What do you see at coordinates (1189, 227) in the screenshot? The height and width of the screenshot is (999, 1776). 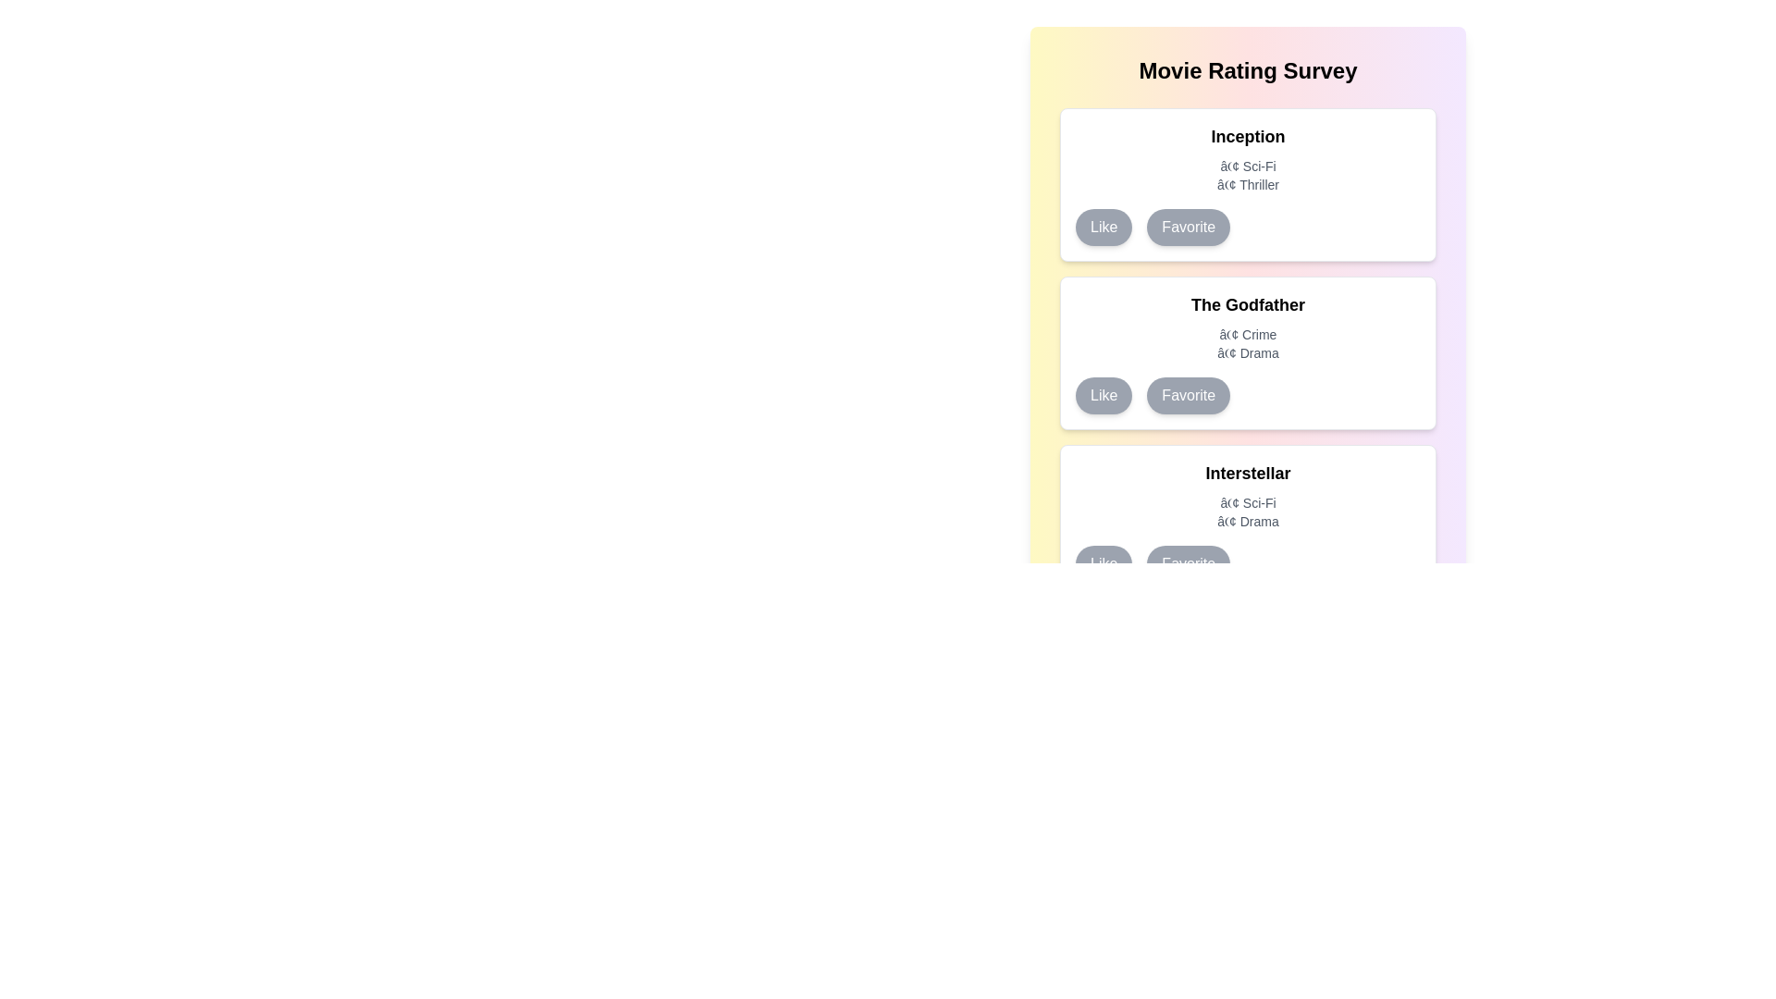 I see `the favorite button associated with the movie 'Inception'` at bounding box center [1189, 227].